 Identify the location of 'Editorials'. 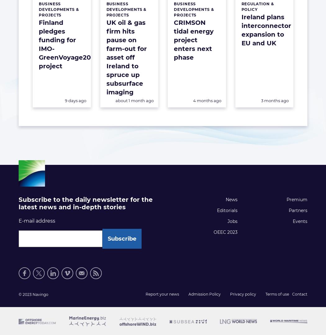
(227, 211).